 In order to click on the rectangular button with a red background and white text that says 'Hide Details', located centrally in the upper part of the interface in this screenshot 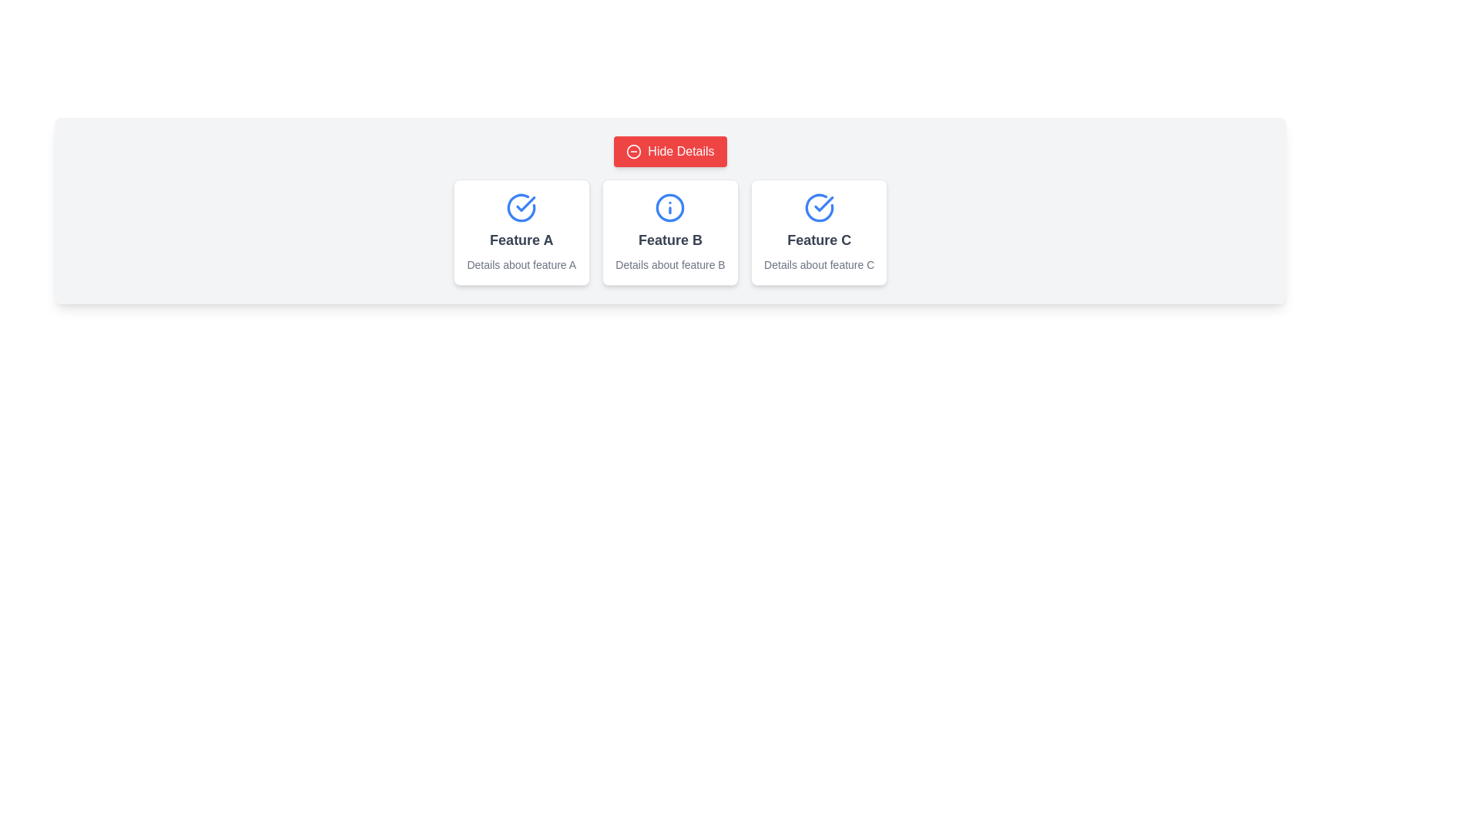, I will do `click(670, 151)`.